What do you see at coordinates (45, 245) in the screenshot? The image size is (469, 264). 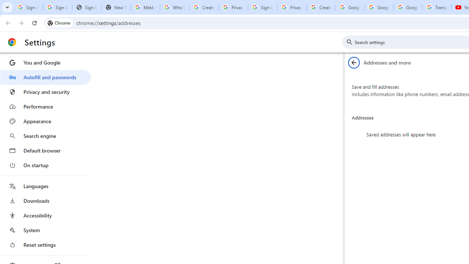 I see `'Reset settings'` at bounding box center [45, 245].